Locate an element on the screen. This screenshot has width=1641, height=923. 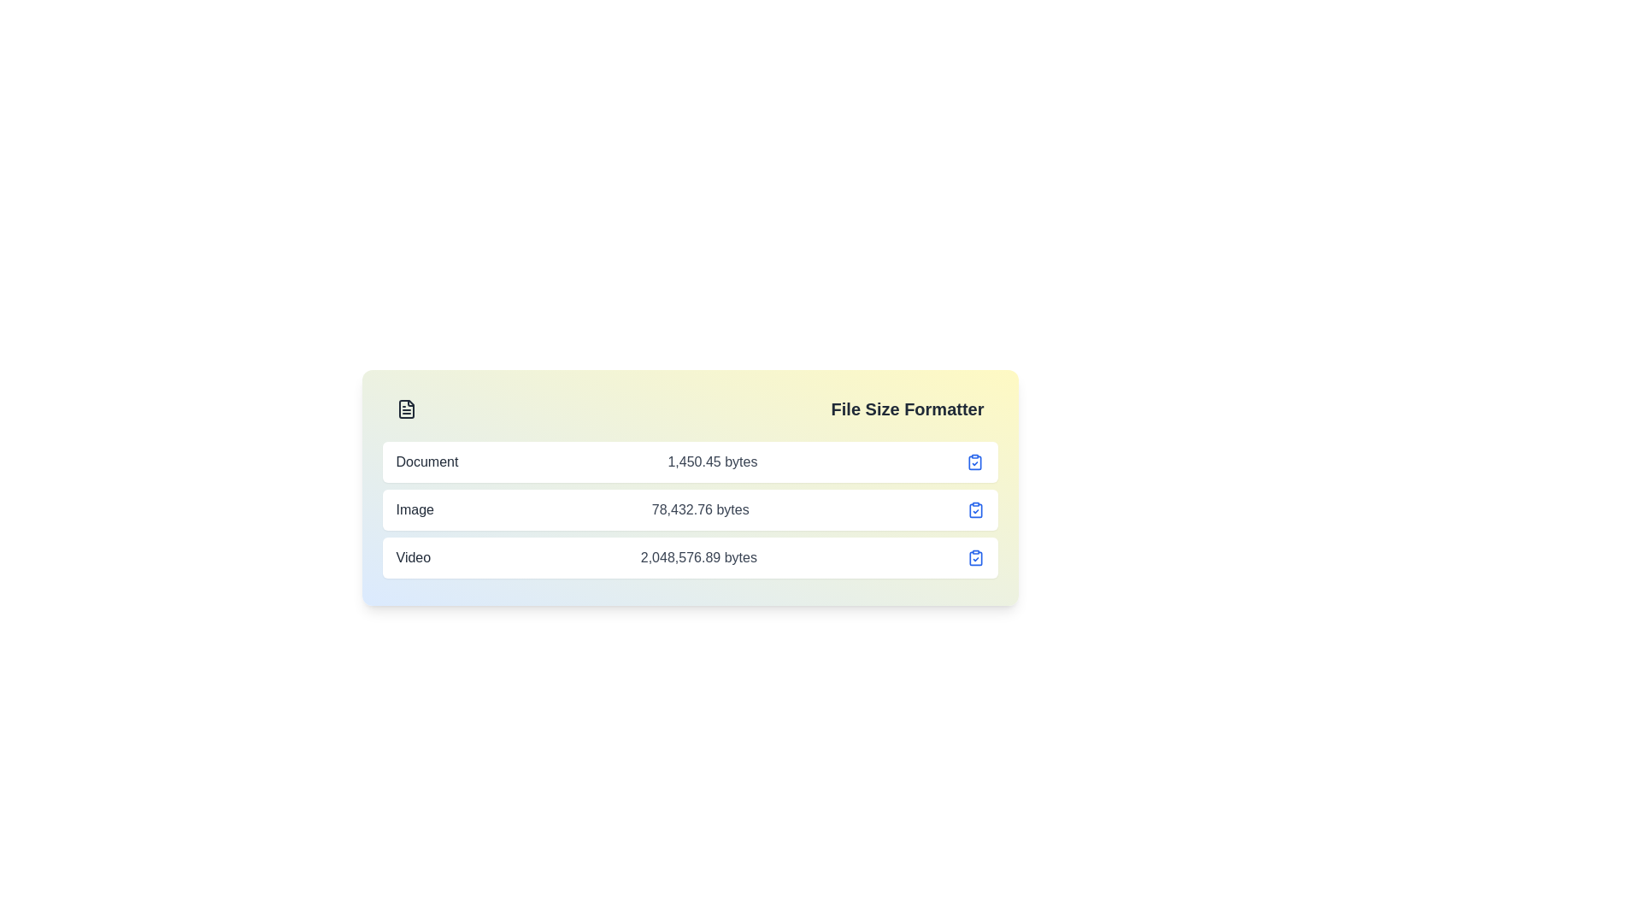
the text display that shows the file size for the image, which is located in the second row, to the right of the text 'Image' is located at coordinates (700, 509).